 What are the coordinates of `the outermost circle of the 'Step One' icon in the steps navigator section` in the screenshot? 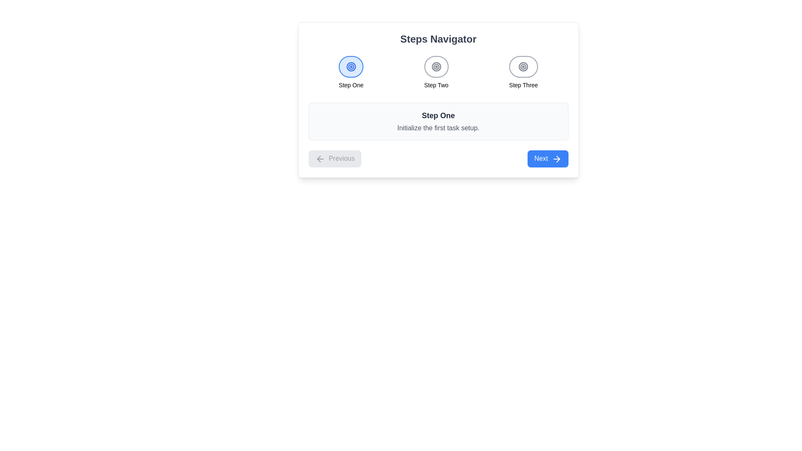 It's located at (351, 66).